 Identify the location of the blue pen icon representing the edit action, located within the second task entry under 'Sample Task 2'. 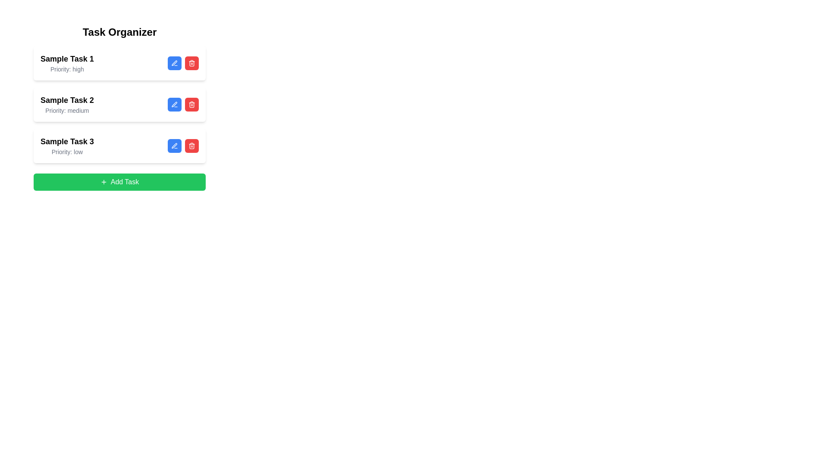
(174, 104).